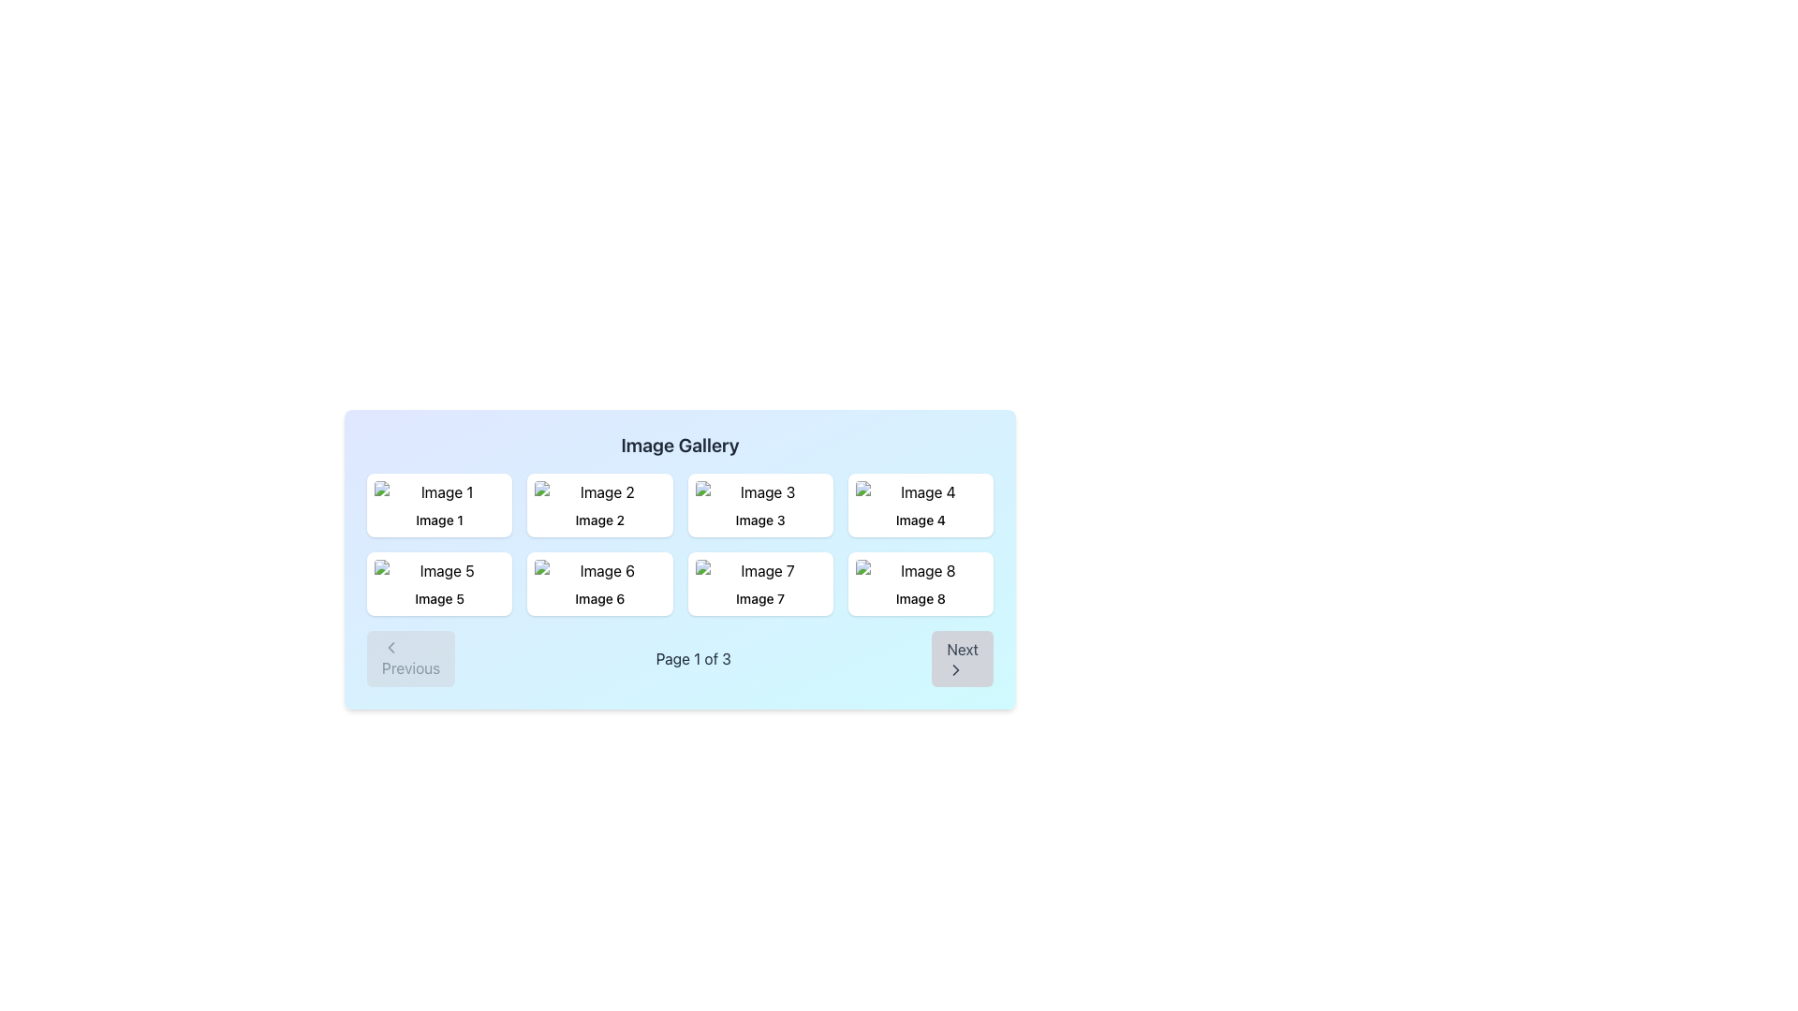  Describe the element at coordinates (438, 520) in the screenshot. I see `the text label element displaying 'Image 1' located below the thumbnail image in the gallery grid` at that location.